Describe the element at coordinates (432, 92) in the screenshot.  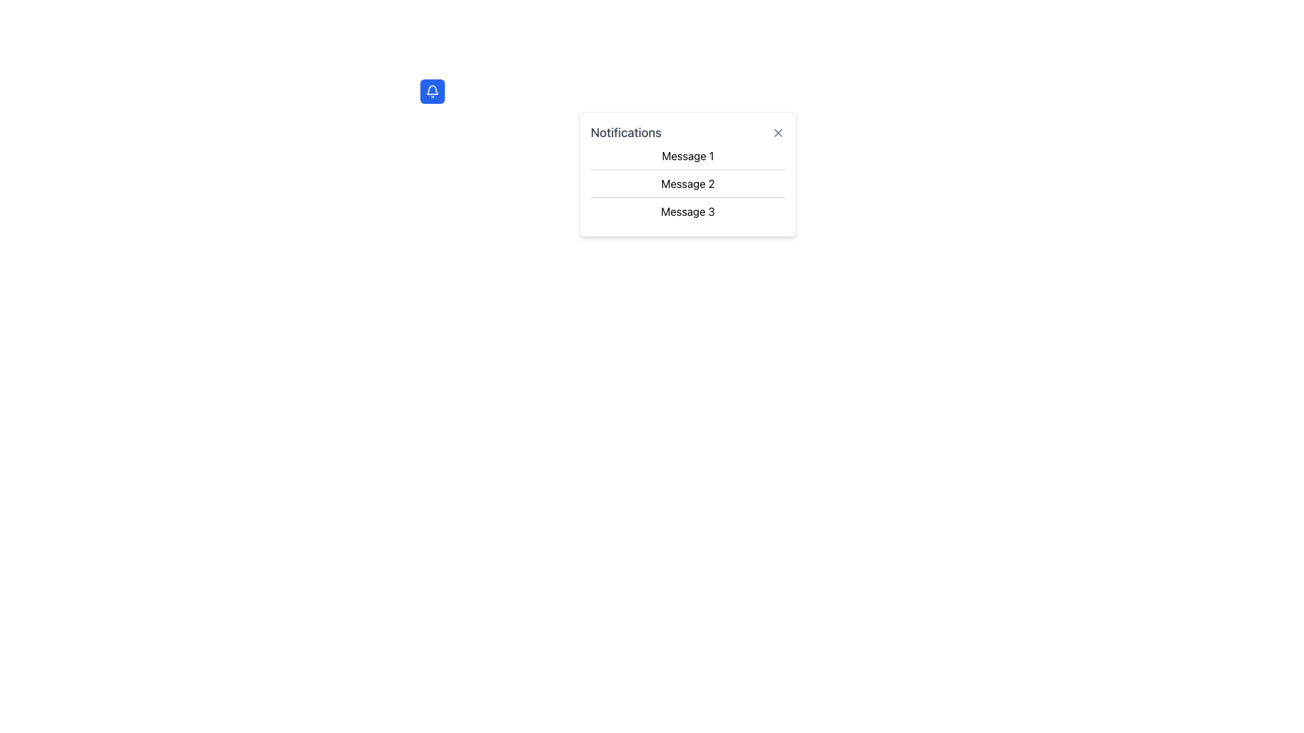
I see `the notification button with a vibrant blue background and a white bell icon` at that location.